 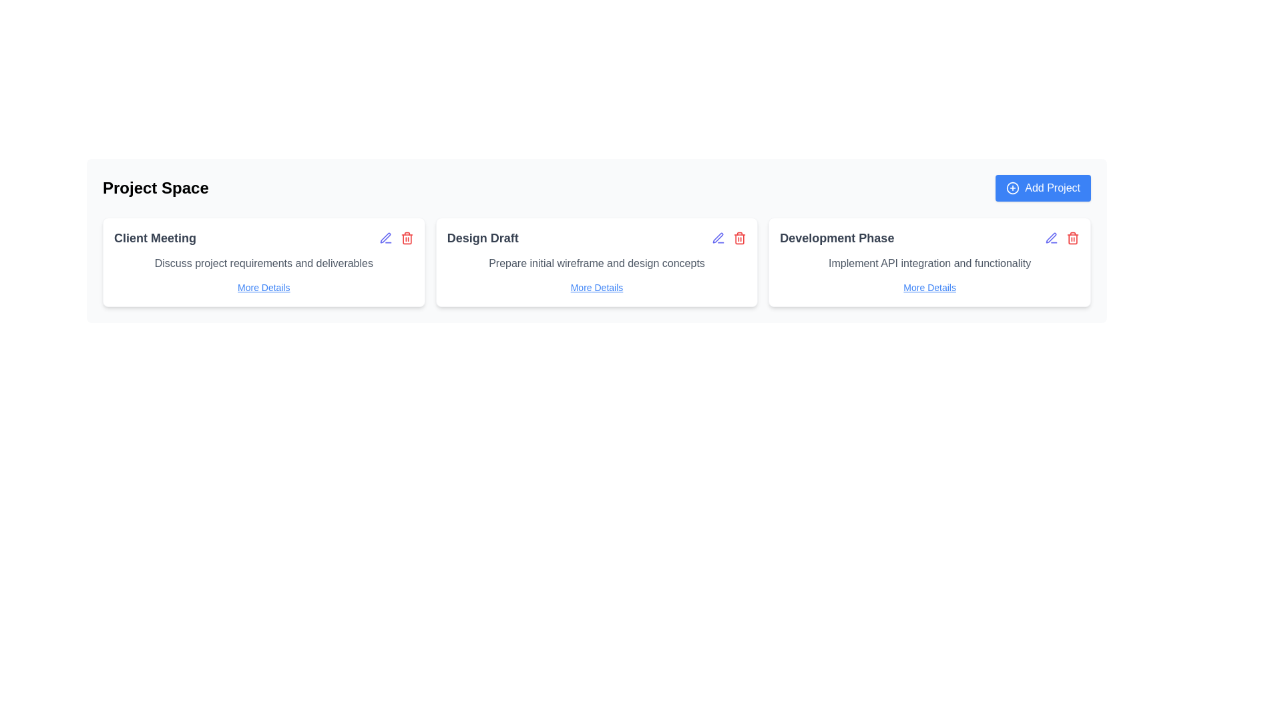 What do you see at coordinates (929, 262) in the screenshot?
I see `the Informative card component, which is the third card in the grid layout` at bounding box center [929, 262].